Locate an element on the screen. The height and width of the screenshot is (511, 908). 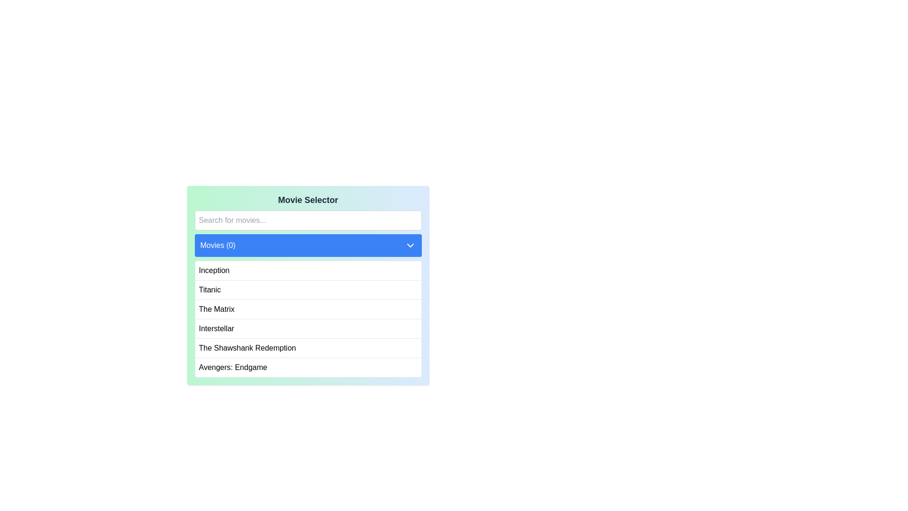
the text label displaying 'Avengers: Endgame' is located at coordinates (233, 367).